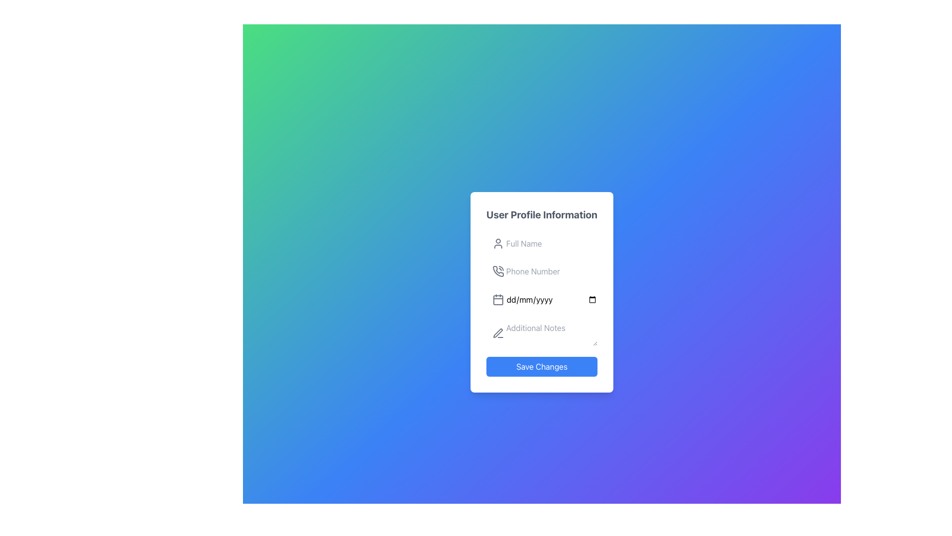 The width and height of the screenshot is (952, 536). Describe the element at coordinates (498, 299) in the screenshot. I see `the calendar icon located on the left side of the date of birth input field` at that location.